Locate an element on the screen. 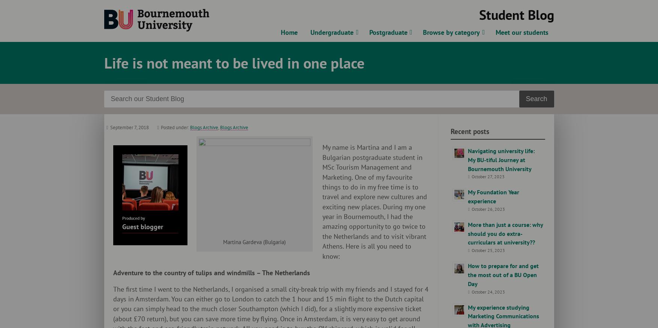 This screenshot has height=328, width=658. 'Meet our students' is located at coordinates (522, 32).